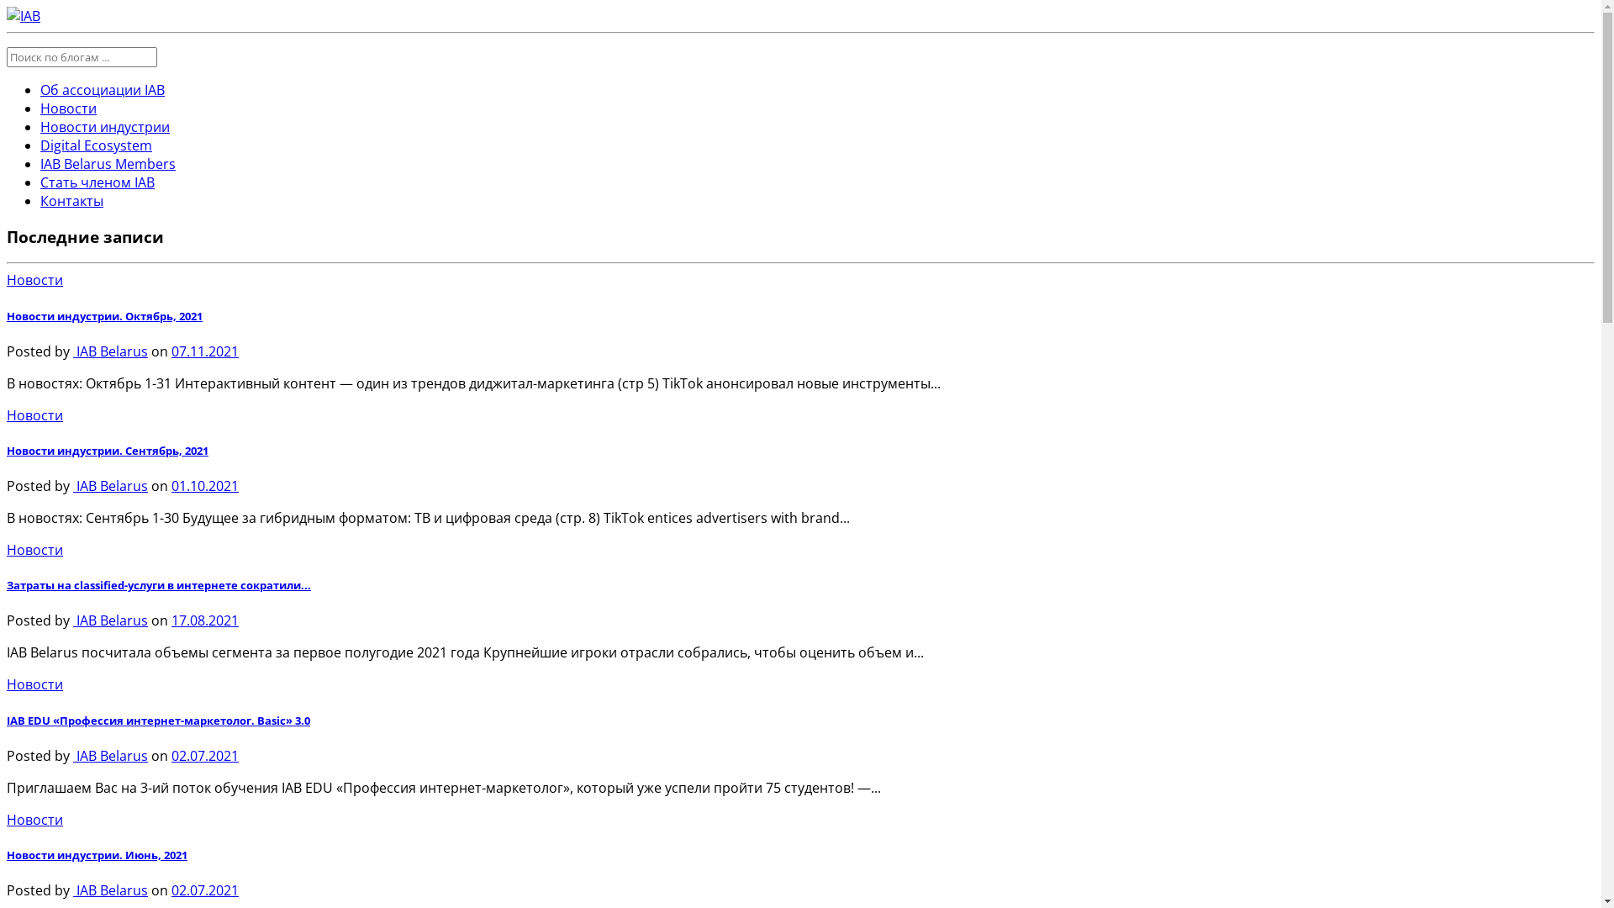 The image size is (1614, 908). What do you see at coordinates (107, 164) in the screenshot?
I see `'IAB Belarus Members'` at bounding box center [107, 164].